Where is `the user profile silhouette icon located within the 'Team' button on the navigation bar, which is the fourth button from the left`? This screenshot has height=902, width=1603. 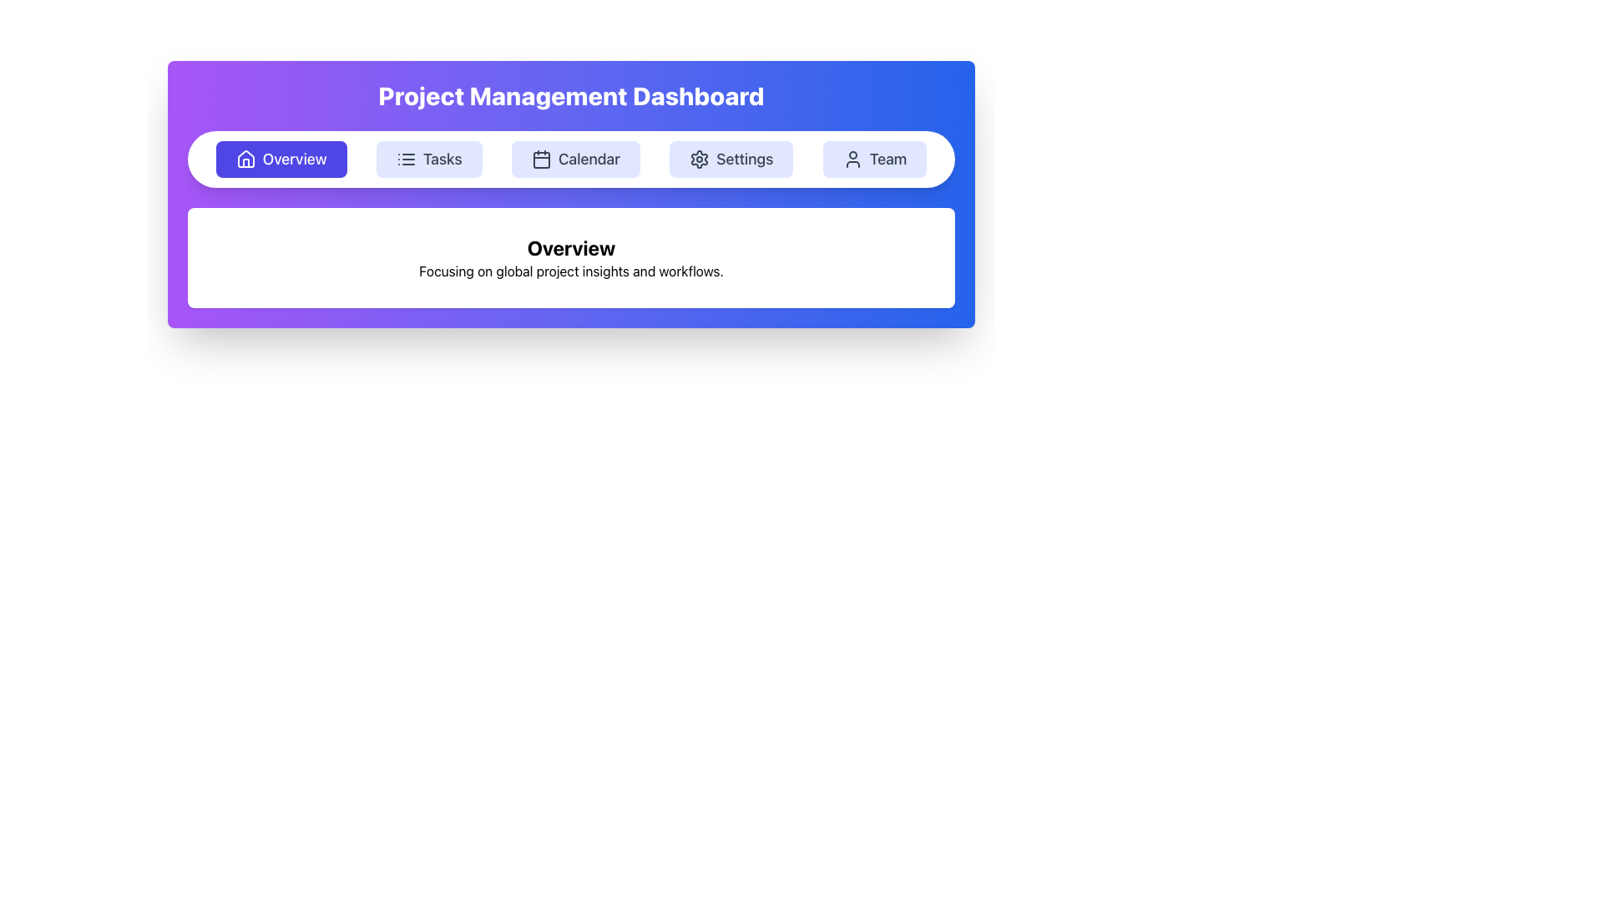
the user profile silhouette icon located within the 'Team' button on the navigation bar, which is the fourth button from the left is located at coordinates (852, 160).